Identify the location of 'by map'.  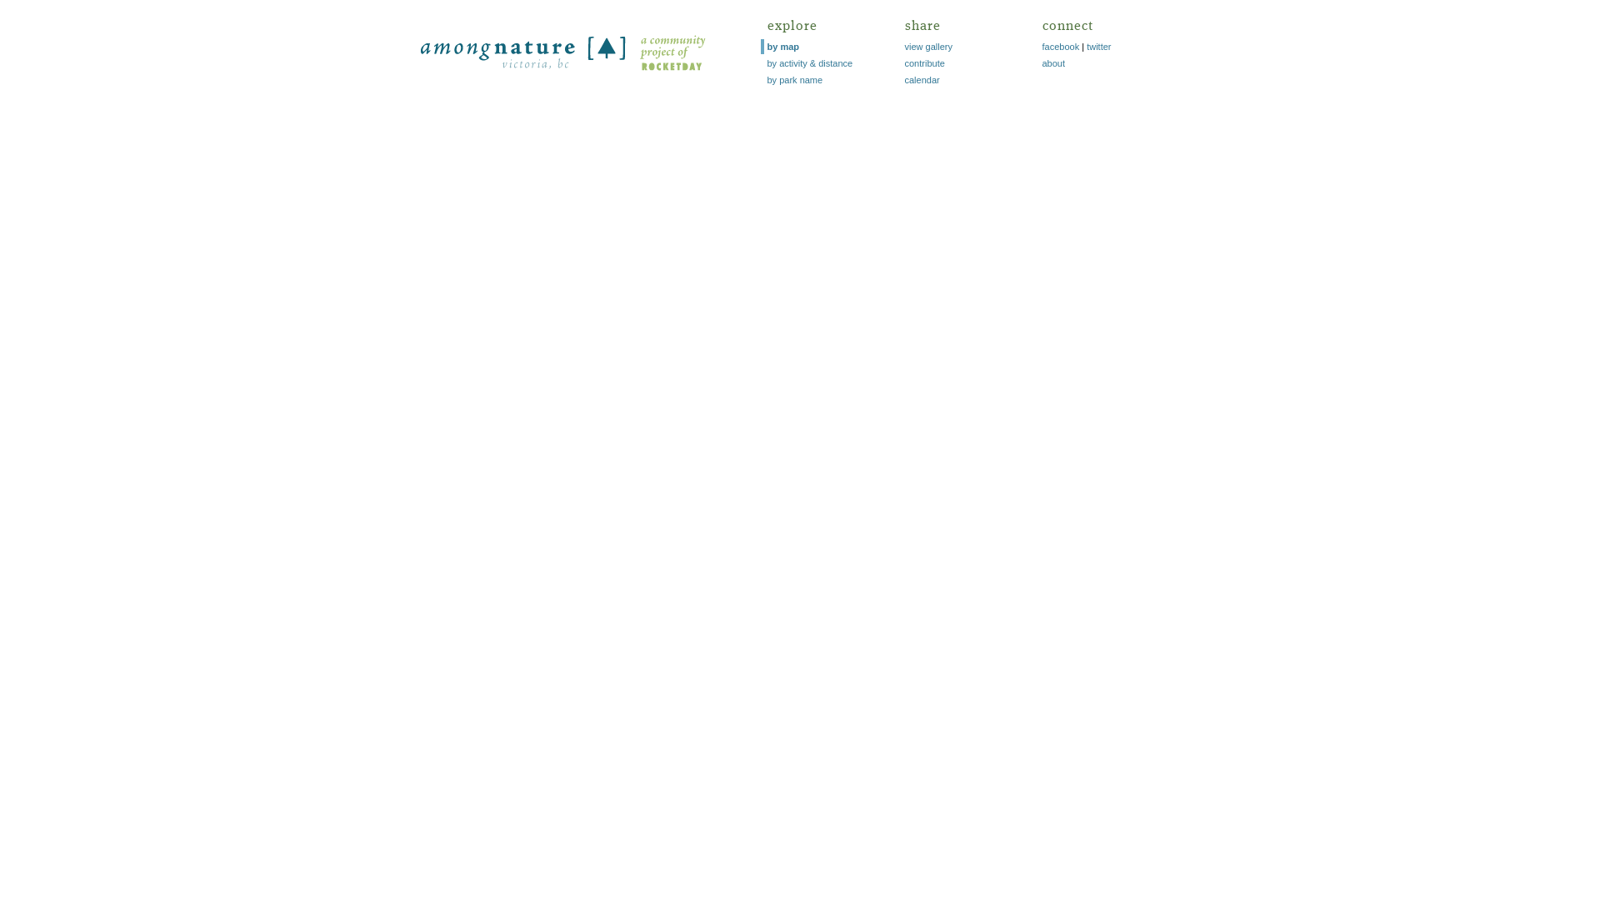
(782, 46).